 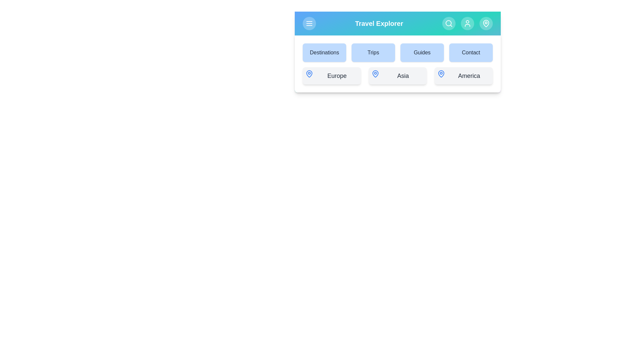 What do you see at coordinates (332, 75) in the screenshot?
I see `the Europe button to select it` at bounding box center [332, 75].